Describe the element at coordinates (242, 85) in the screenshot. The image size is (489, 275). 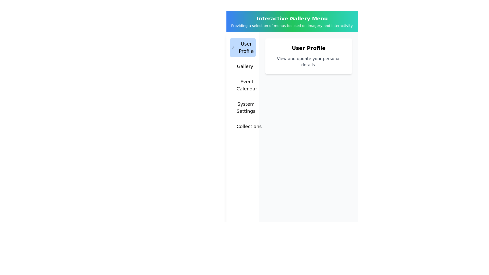
I see `the menu item Event Calendar to observe its hover effect` at that location.